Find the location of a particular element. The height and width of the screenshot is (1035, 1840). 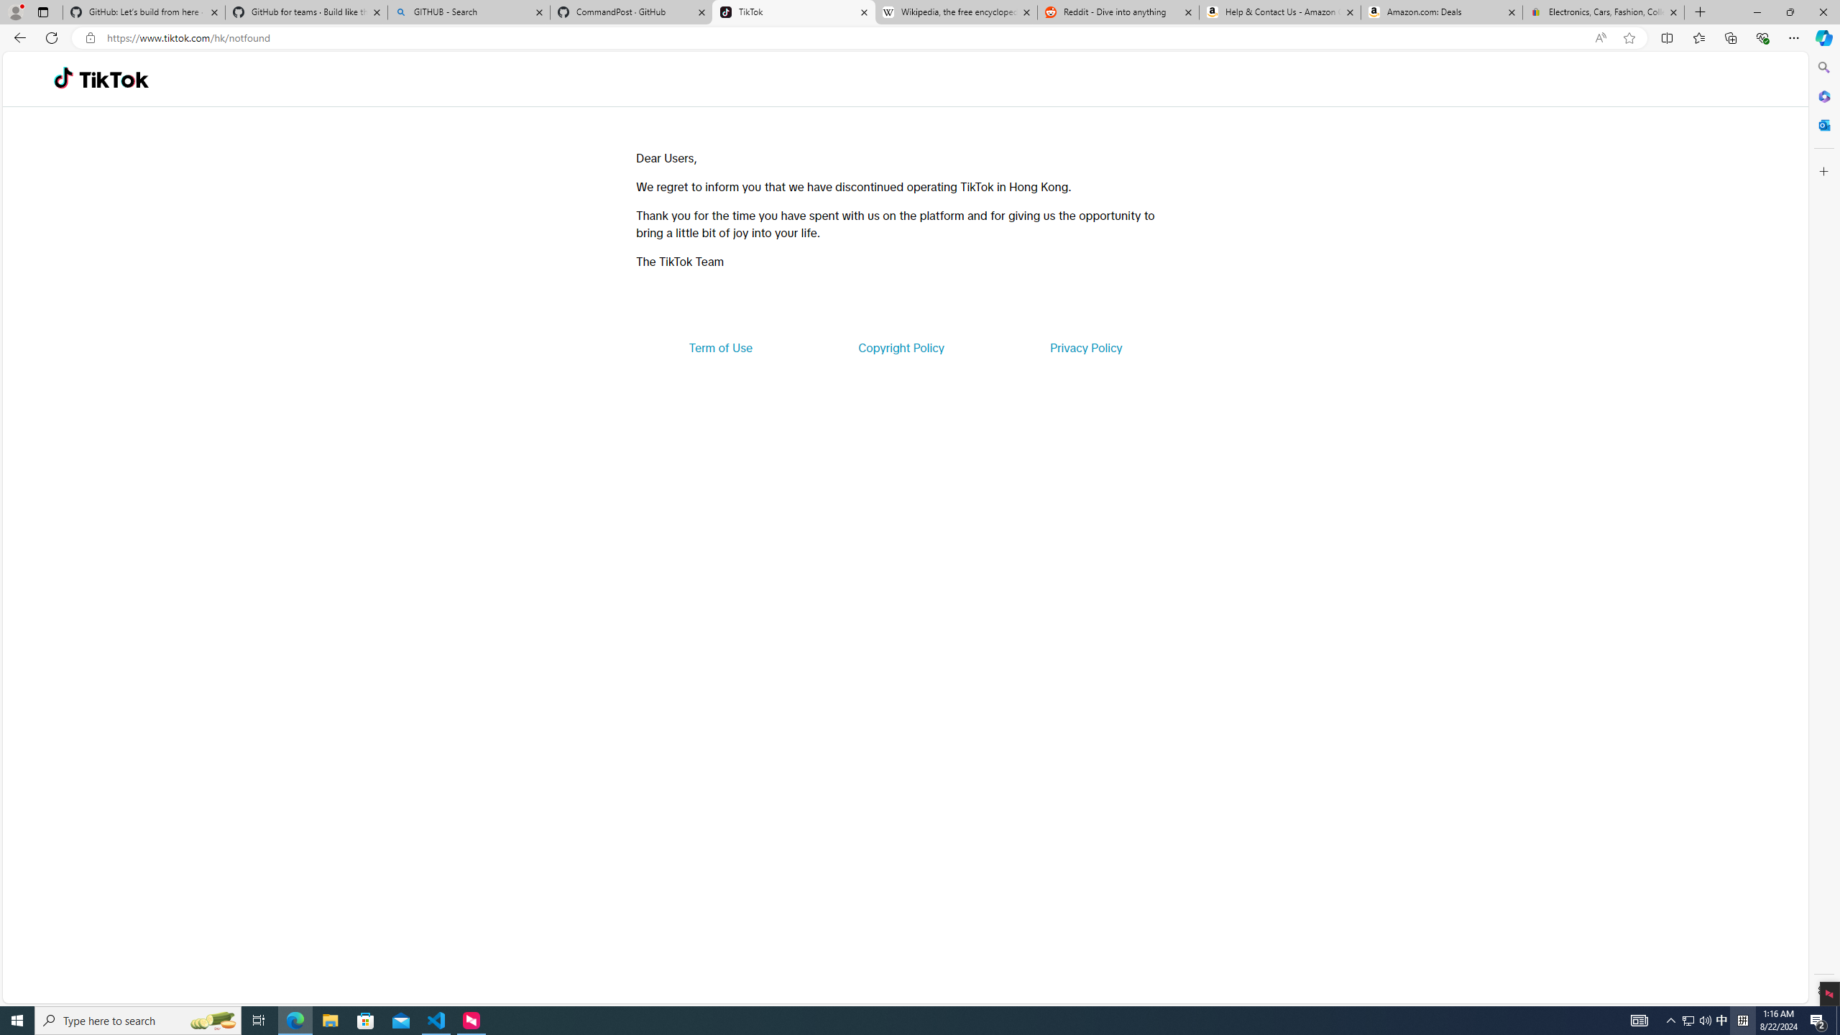

'TikTok' is located at coordinates (114, 79).